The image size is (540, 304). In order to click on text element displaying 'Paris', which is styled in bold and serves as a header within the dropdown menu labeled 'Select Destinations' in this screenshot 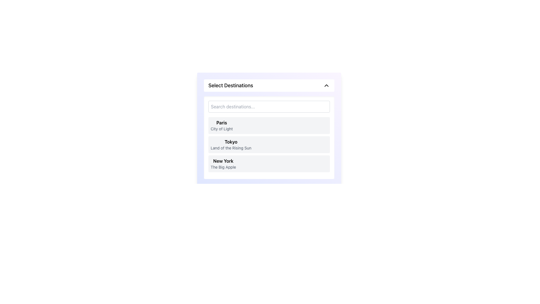, I will do `click(221, 122)`.